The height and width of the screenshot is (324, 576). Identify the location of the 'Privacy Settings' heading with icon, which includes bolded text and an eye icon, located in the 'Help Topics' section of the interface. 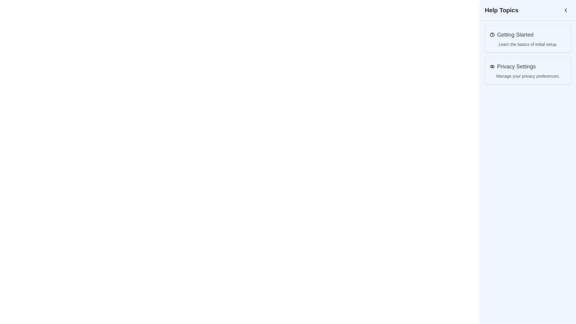
(528, 67).